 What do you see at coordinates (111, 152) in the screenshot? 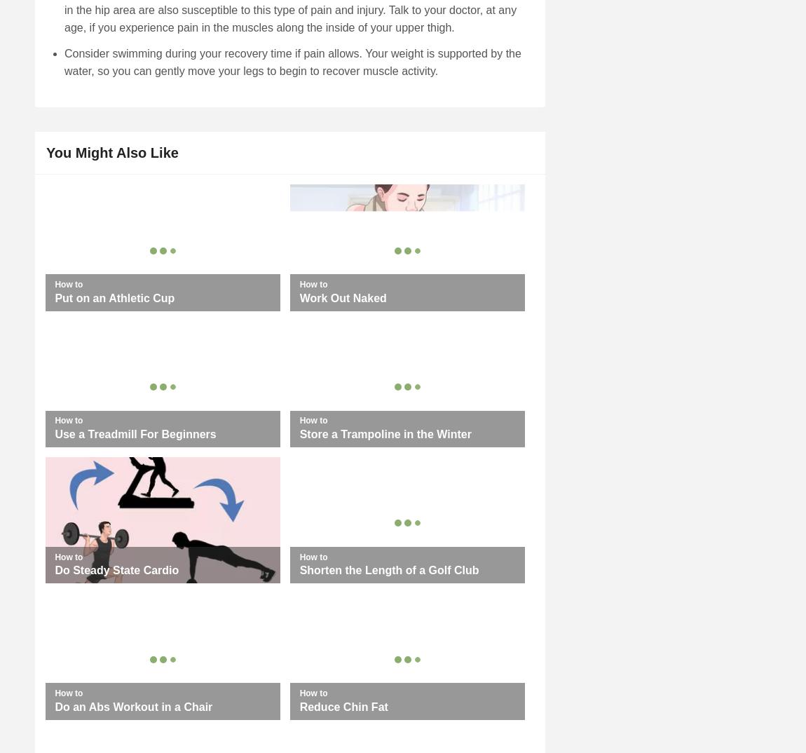
I see `'You Might Also Like'` at bounding box center [111, 152].